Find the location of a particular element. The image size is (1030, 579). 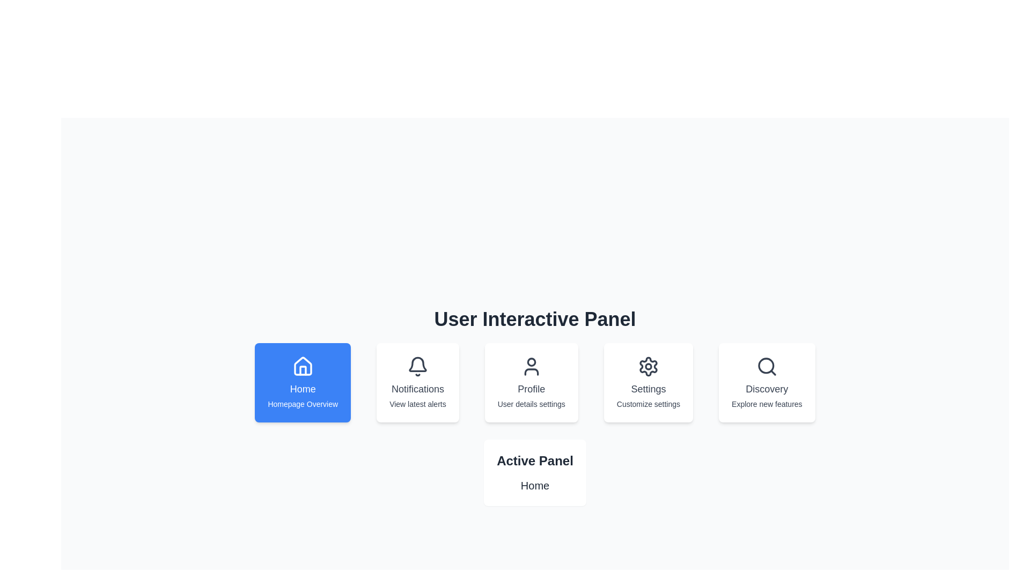

the inner circular part of the magnifying glass icon in the Discovery panel, which has no fill and a stroke around it is located at coordinates (766, 365).